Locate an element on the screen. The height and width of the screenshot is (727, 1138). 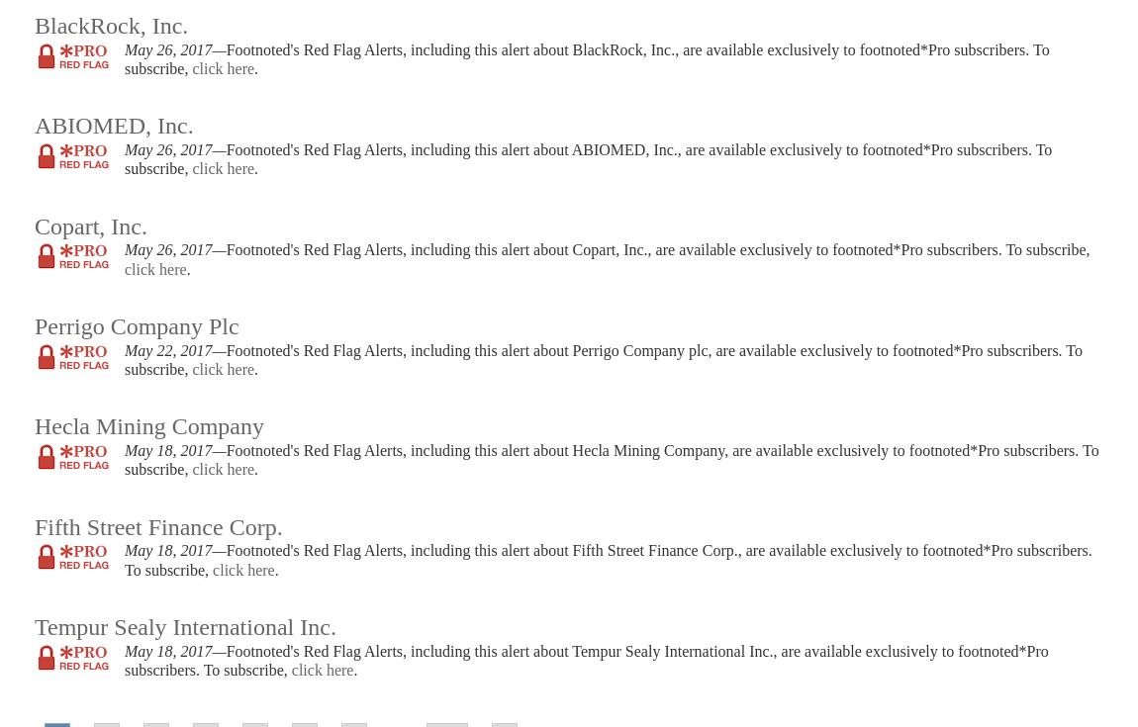
'Footnoted's Red Flag Alerts, including this alert about ABIOMED, Inc., are available exclusively to footnoted*Pro subscribers. To subscribe,' is located at coordinates (587, 158).